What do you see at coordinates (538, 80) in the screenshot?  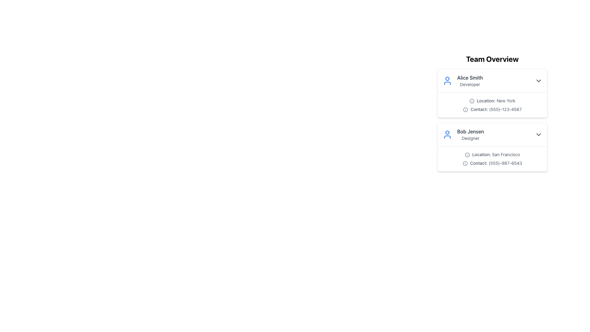 I see `the downward-pointing chevron icon button adjacent to 'Alice Smith' and 'Developer' to check for any tooltip appearance` at bounding box center [538, 80].